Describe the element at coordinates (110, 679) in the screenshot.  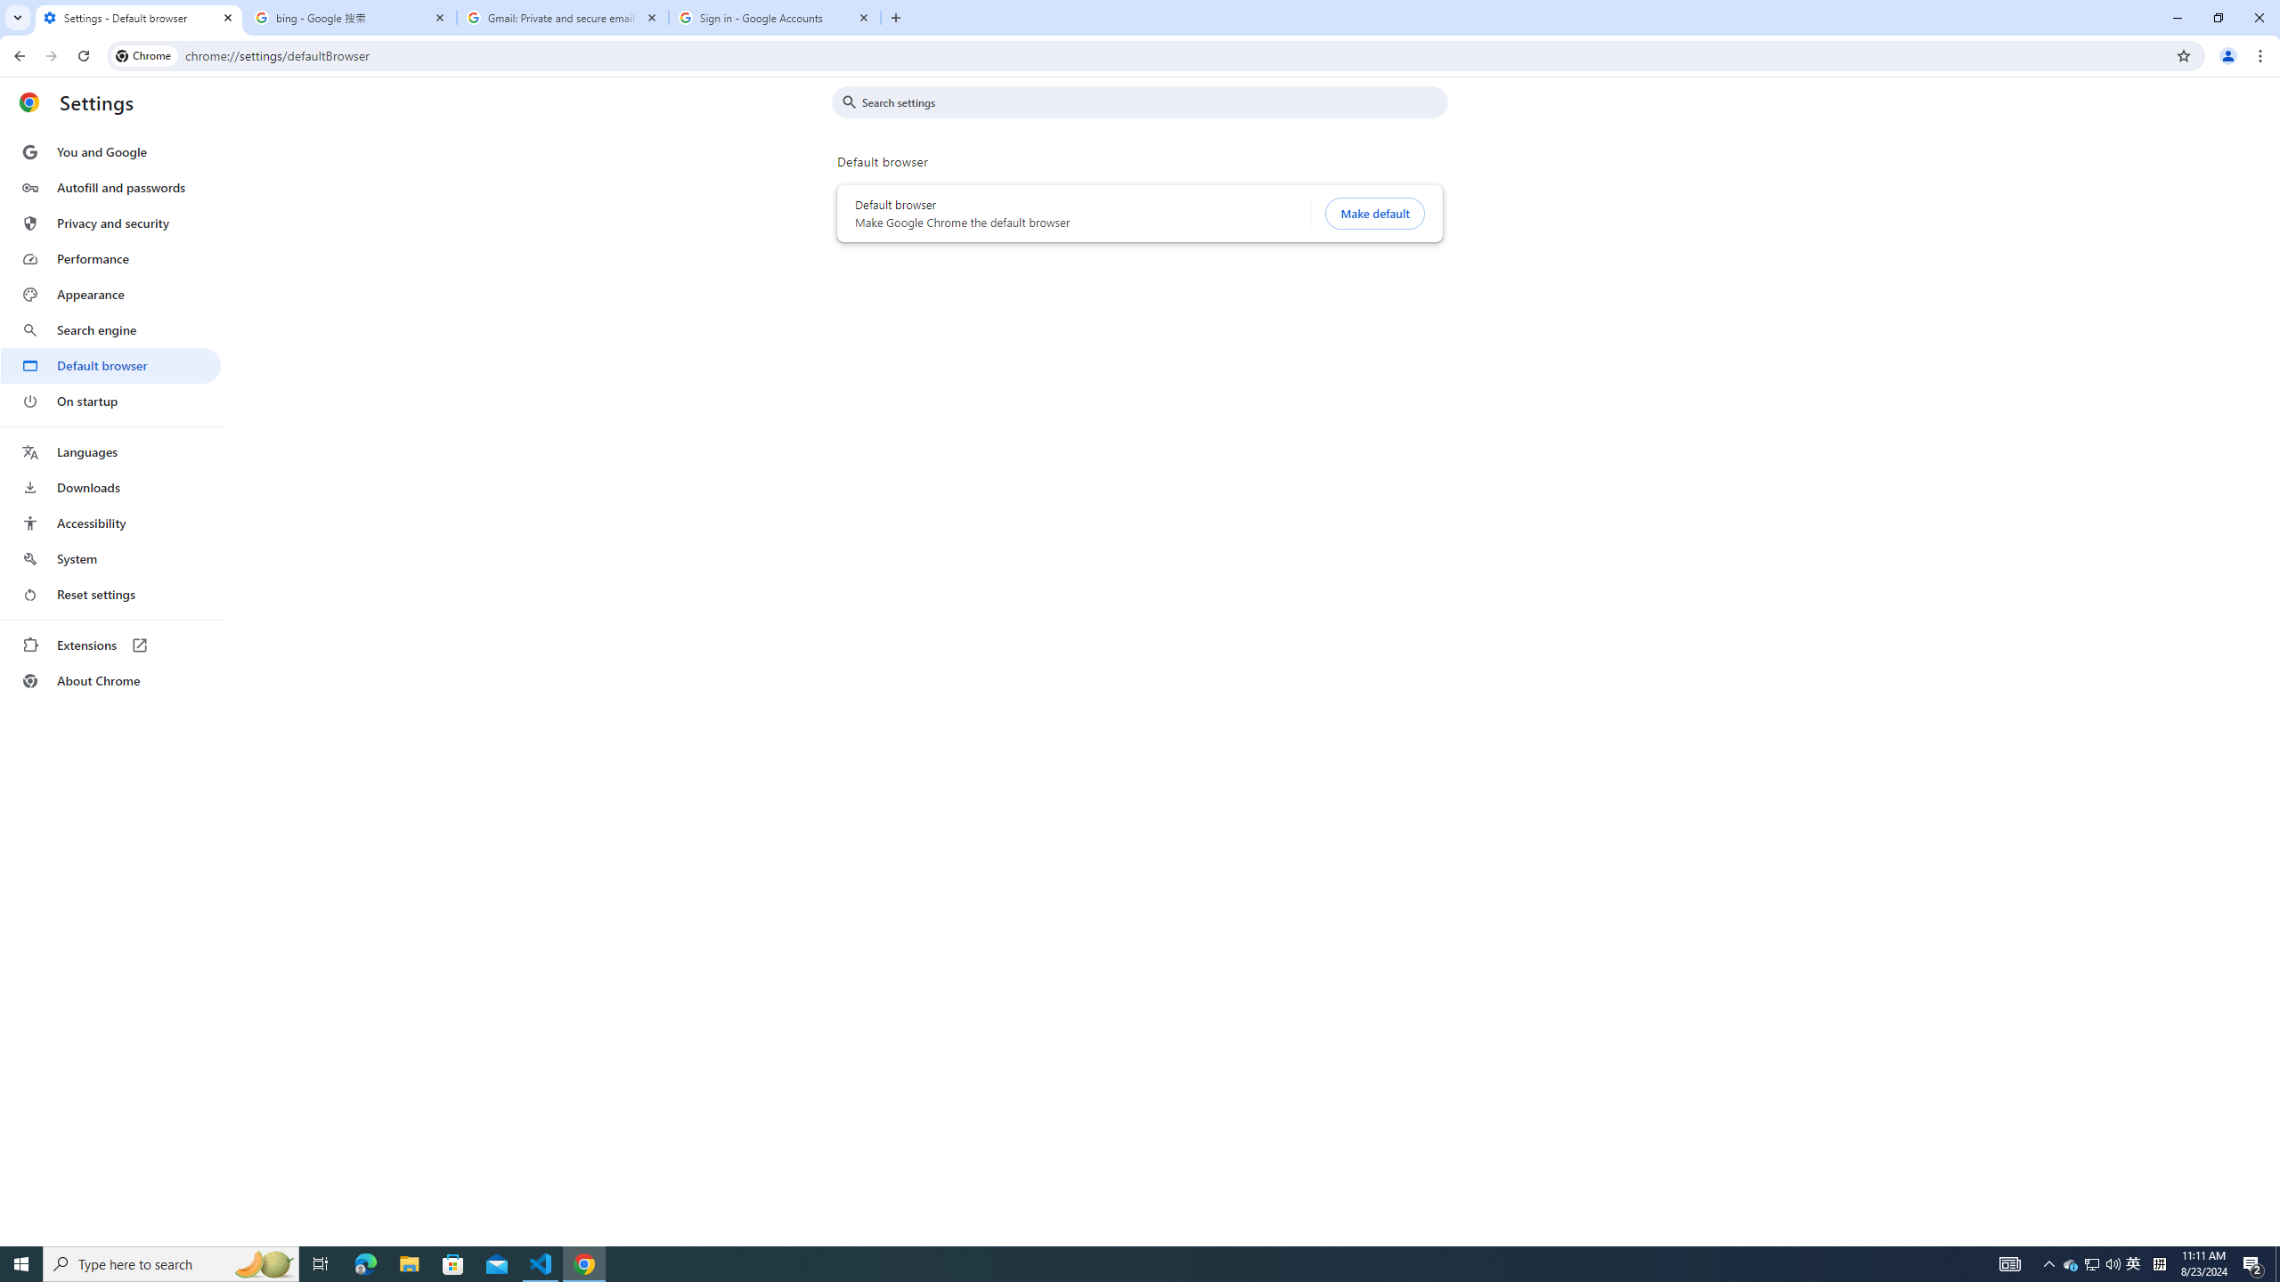
I see `'About Chrome'` at that location.